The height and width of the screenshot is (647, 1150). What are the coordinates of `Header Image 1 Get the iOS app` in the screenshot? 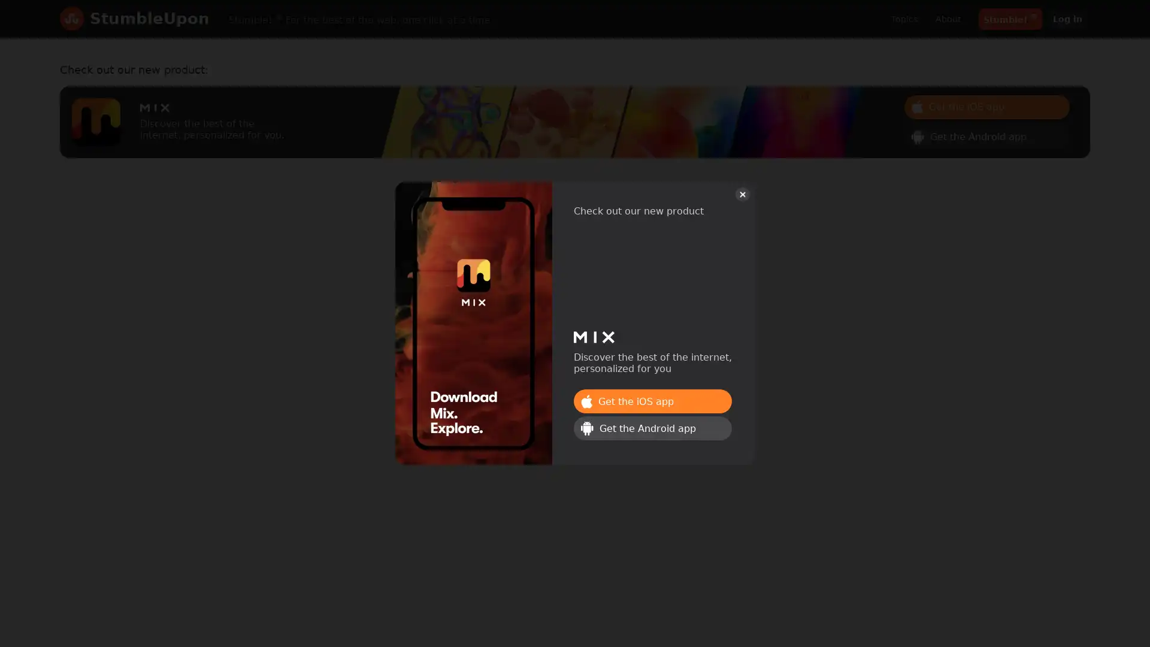 It's located at (652, 401).